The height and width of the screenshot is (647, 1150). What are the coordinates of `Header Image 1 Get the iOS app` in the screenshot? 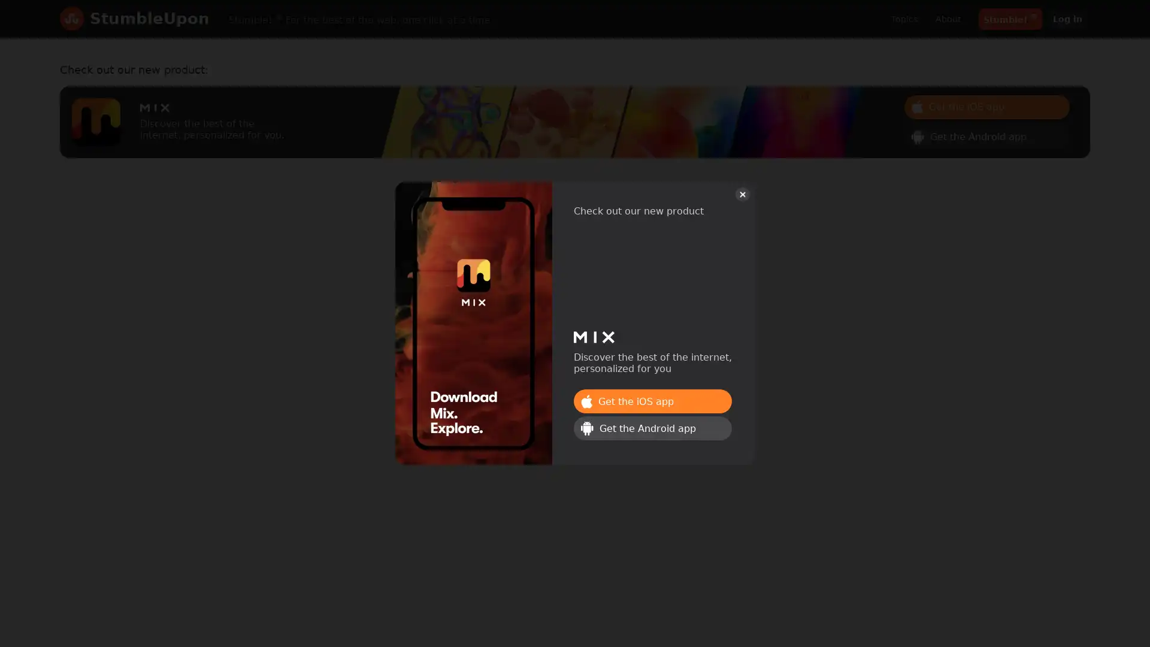 It's located at (652, 401).